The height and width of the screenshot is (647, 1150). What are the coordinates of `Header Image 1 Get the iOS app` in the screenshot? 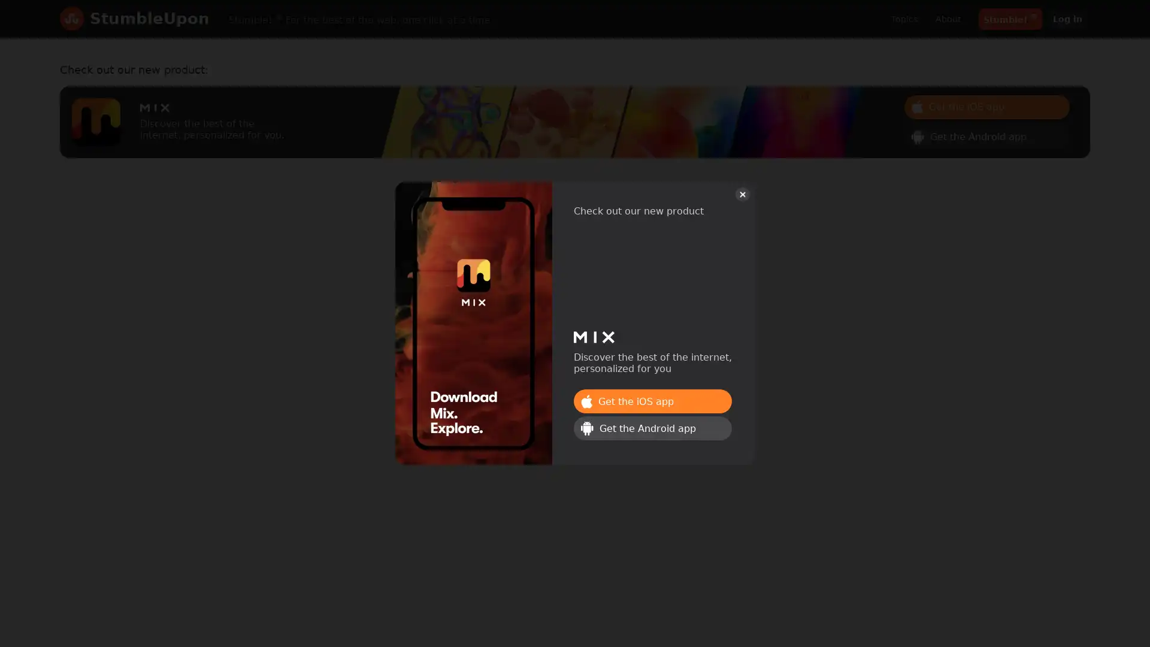 It's located at (652, 401).